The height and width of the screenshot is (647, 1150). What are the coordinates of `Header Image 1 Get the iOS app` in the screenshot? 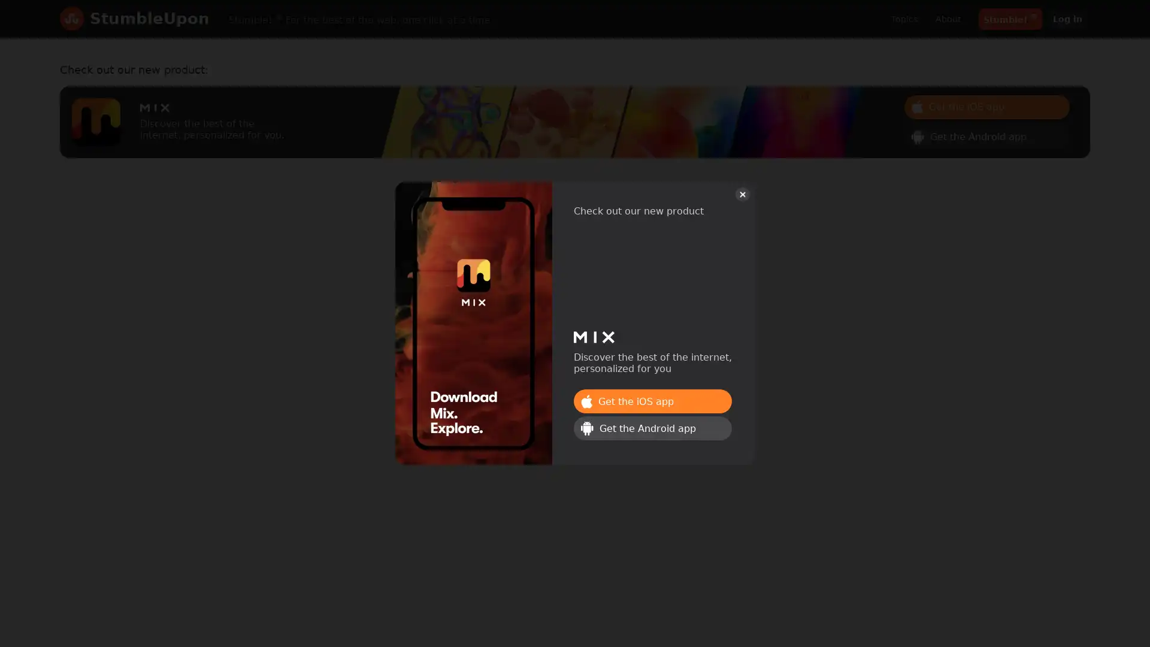 It's located at (652, 401).